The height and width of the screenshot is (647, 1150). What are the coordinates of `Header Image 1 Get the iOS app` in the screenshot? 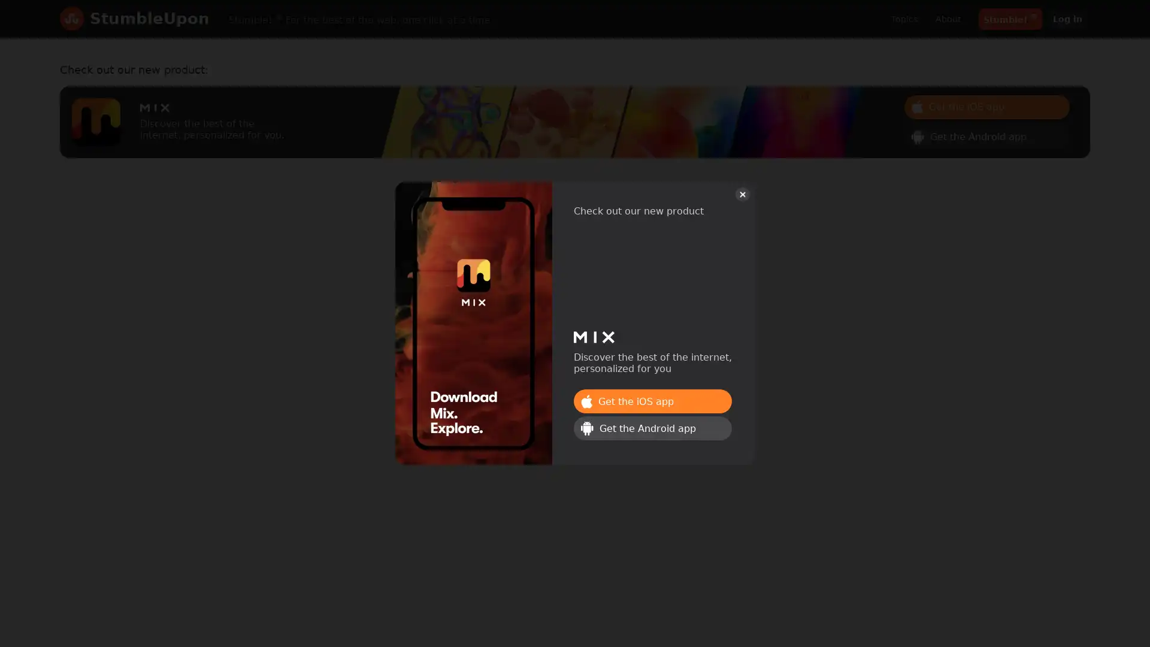 It's located at (652, 401).